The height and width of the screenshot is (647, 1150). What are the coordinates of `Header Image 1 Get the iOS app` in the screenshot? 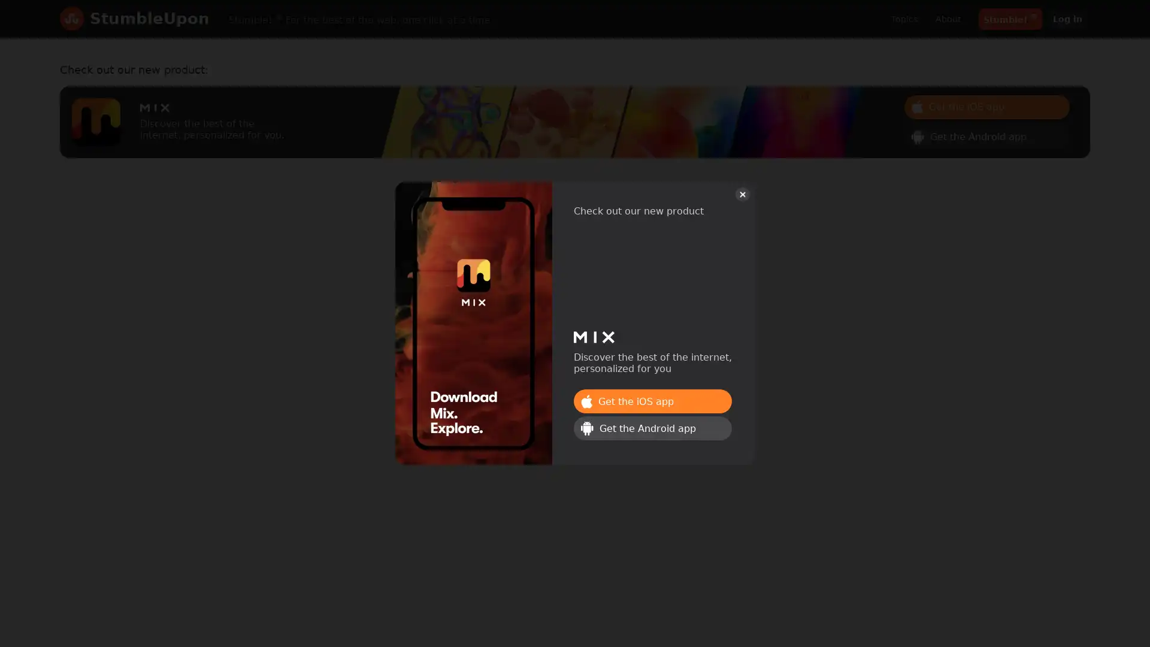 It's located at (652, 401).